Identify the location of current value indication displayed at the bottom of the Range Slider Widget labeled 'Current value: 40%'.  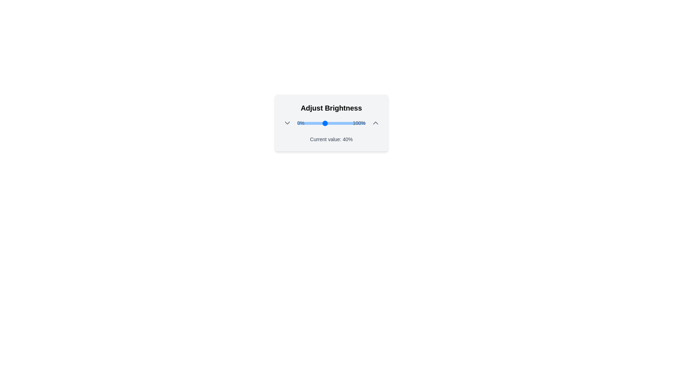
(331, 123).